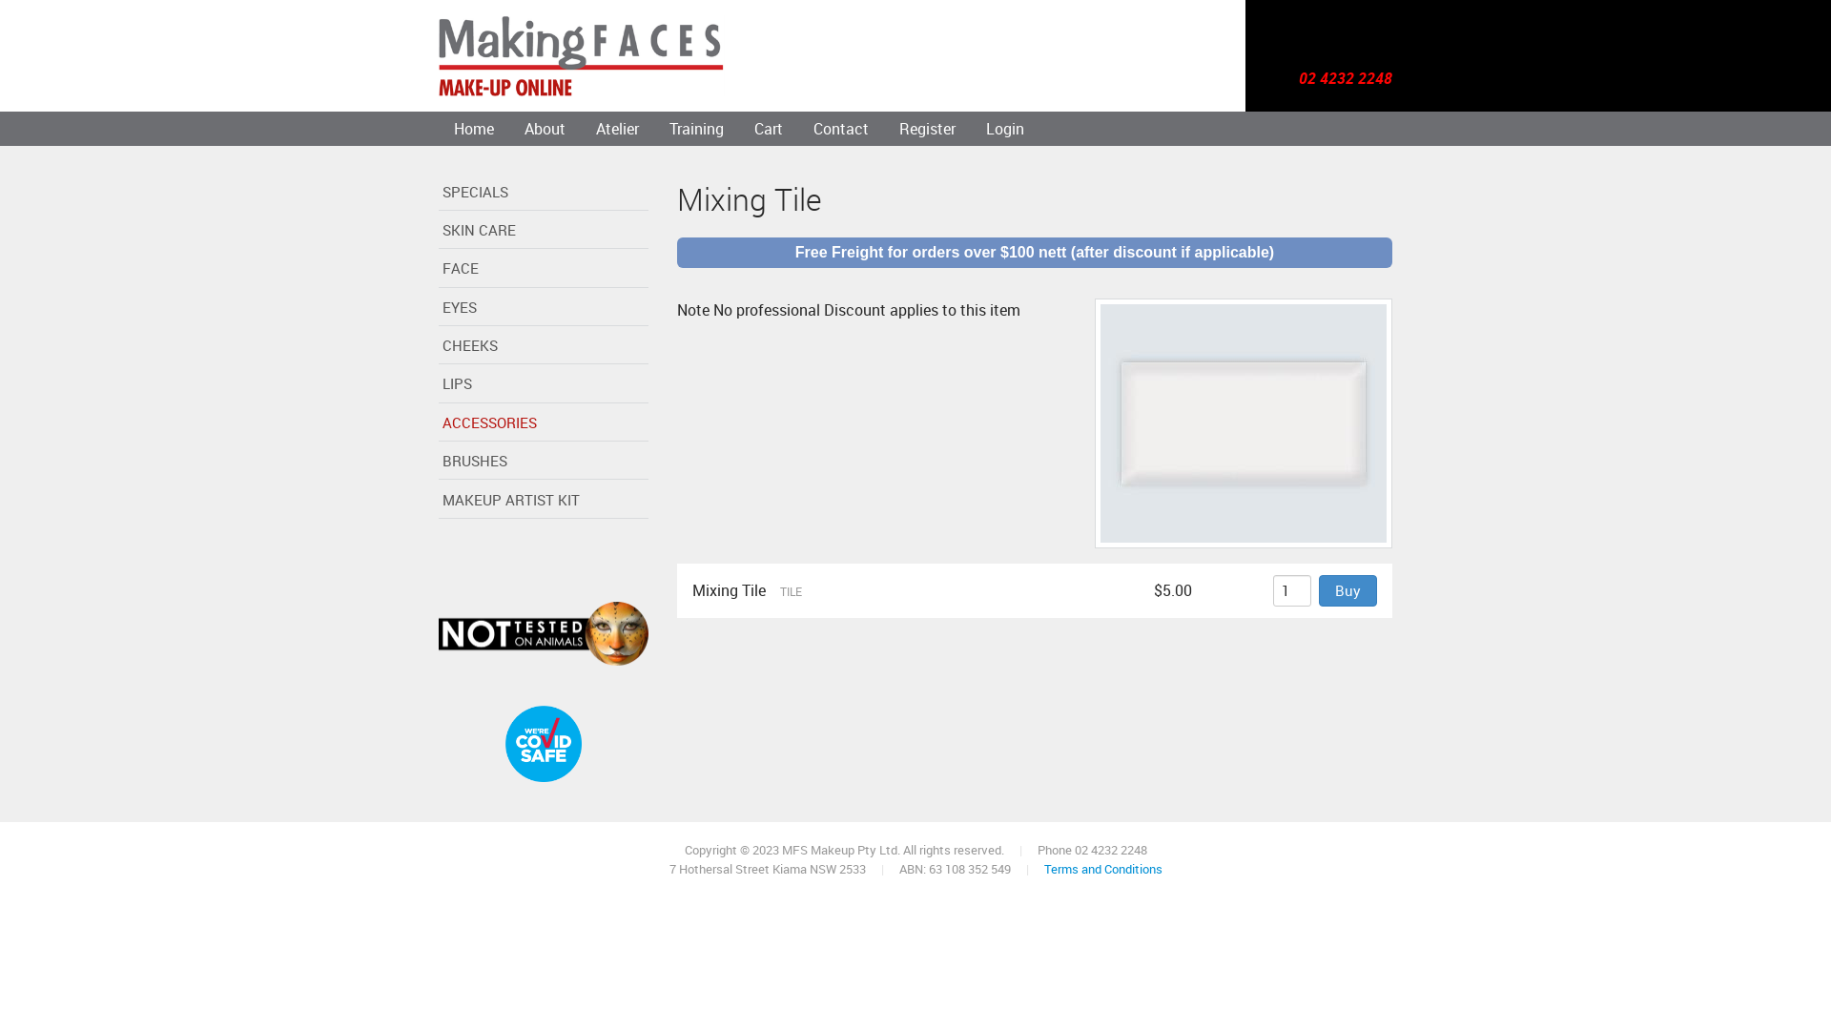 This screenshot has width=1831, height=1030. What do you see at coordinates (695, 129) in the screenshot?
I see `'Training'` at bounding box center [695, 129].